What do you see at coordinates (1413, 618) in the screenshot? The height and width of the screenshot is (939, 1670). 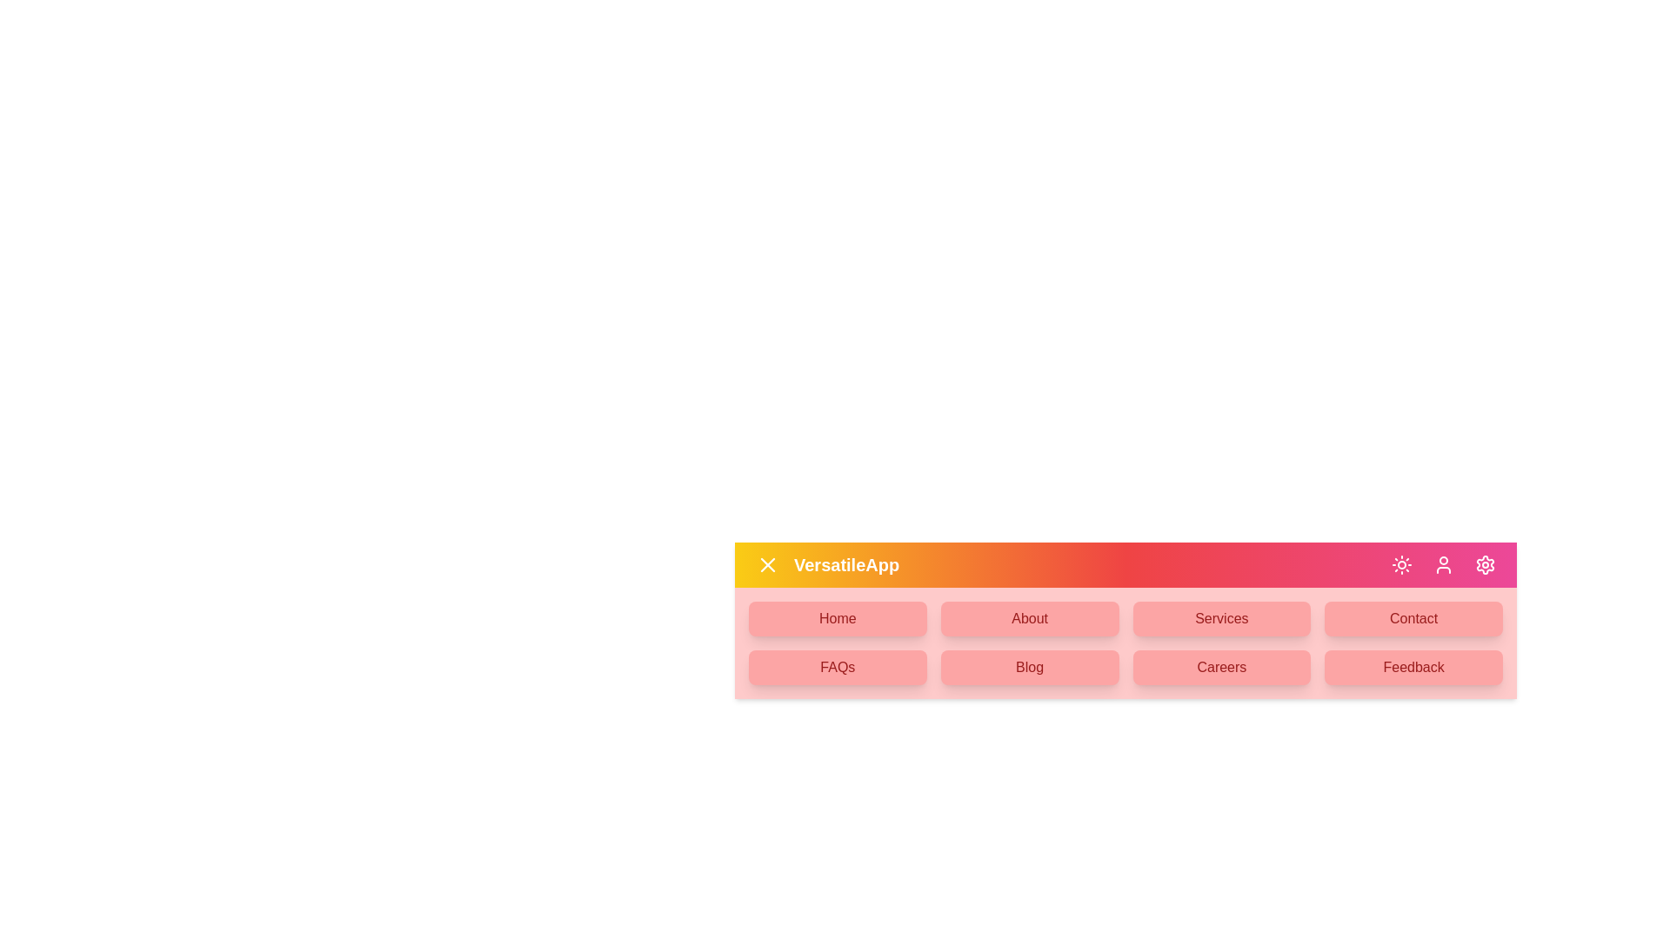 I see `the menu item Contact from the available options` at bounding box center [1413, 618].